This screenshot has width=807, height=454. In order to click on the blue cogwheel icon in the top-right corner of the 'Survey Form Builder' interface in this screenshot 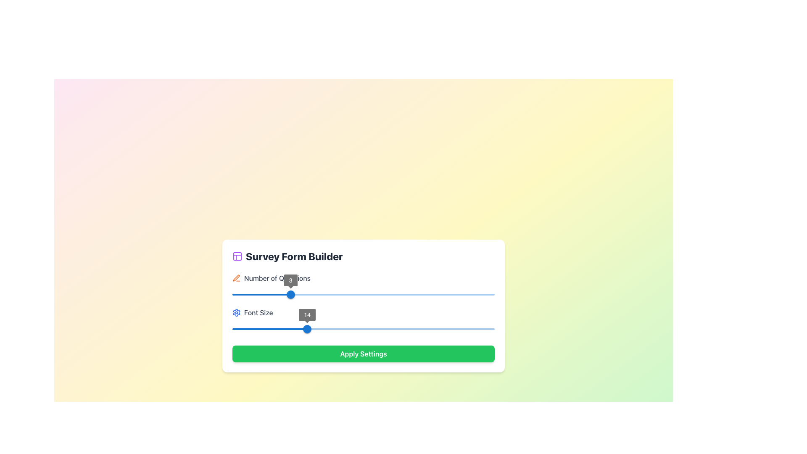, I will do `click(236, 313)`.